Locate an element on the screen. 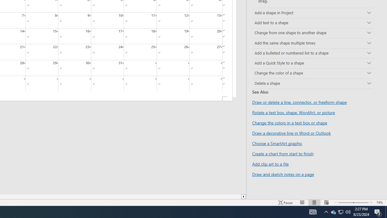 The height and width of the screenshot is (218, 387). 'Read Mode' is located at coordinates (302, 203).